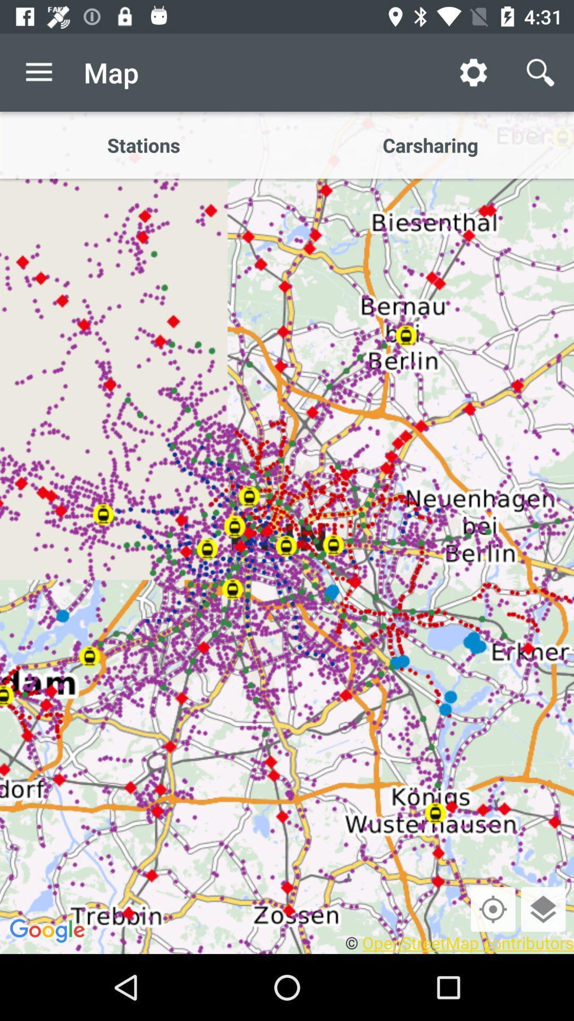  What do you see at coordinates (493, 908) in the screenshot?
I see `find current location` at bounding box center [493, 908].